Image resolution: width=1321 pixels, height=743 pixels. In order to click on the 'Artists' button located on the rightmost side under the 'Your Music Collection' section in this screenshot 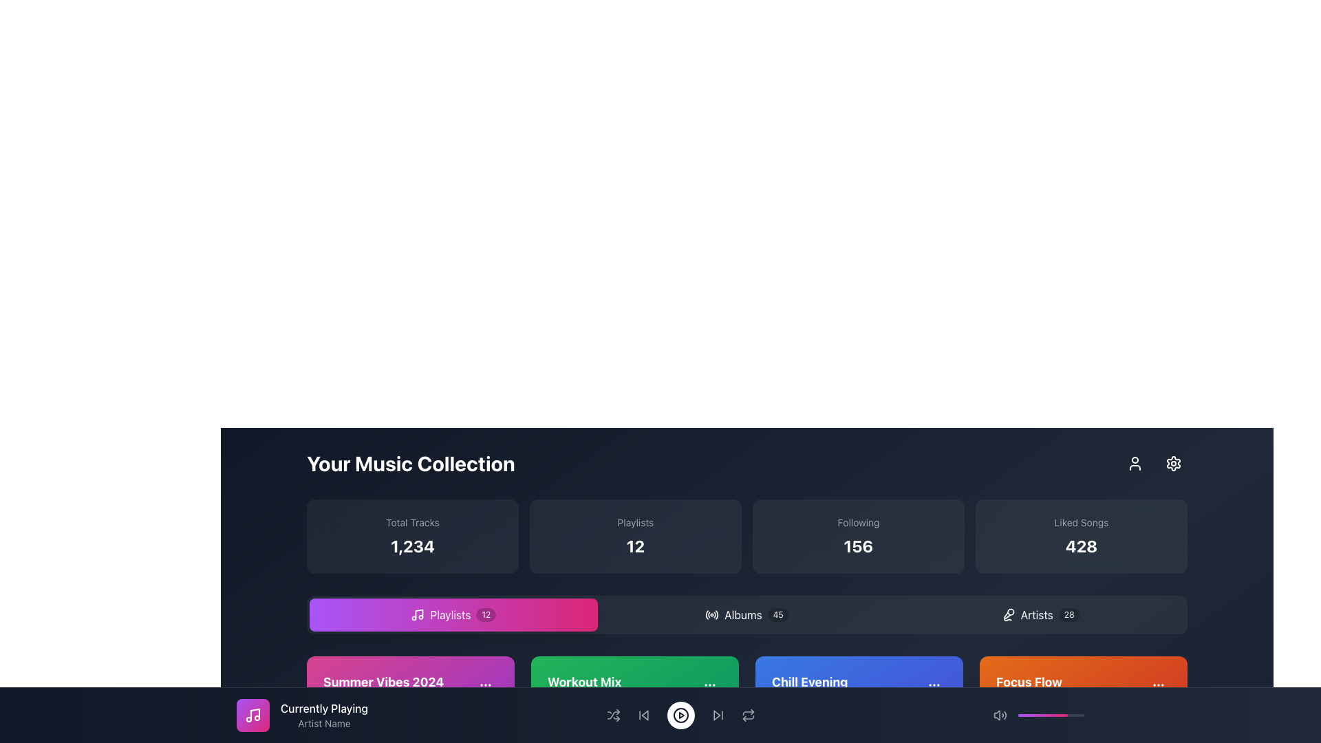, I will do `click(1040, 614)`.